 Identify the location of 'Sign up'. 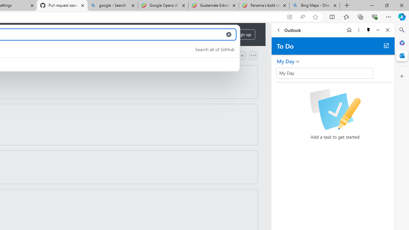
(243, 34).